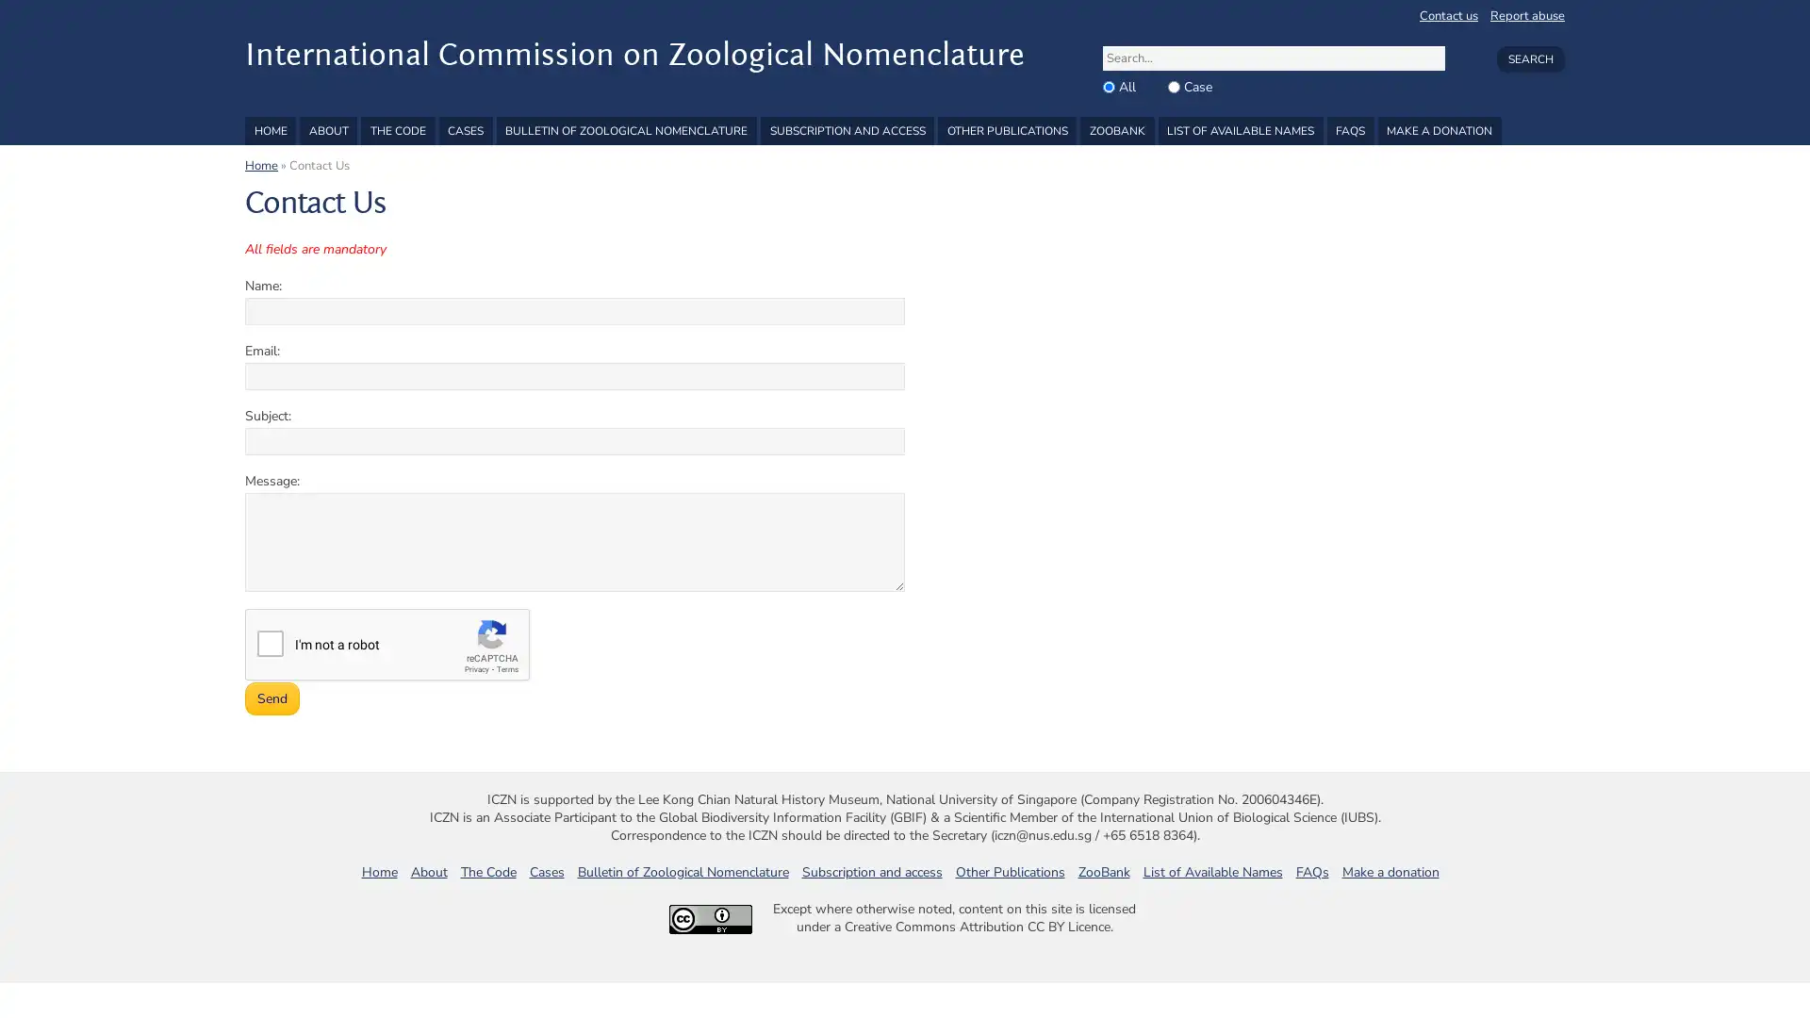  What do you see at coordinates (271, 698) in the screenshot?
I see `Send` at bounding box center [271, 698].